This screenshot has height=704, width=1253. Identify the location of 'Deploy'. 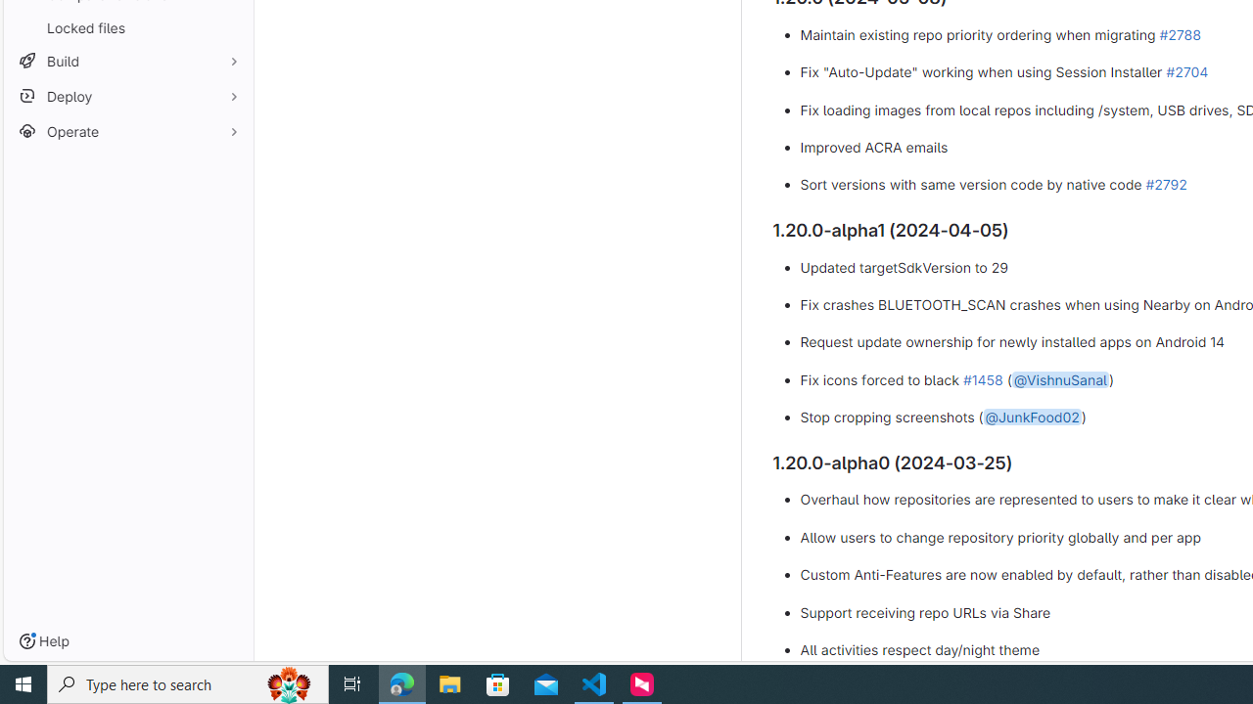
(127, 96).